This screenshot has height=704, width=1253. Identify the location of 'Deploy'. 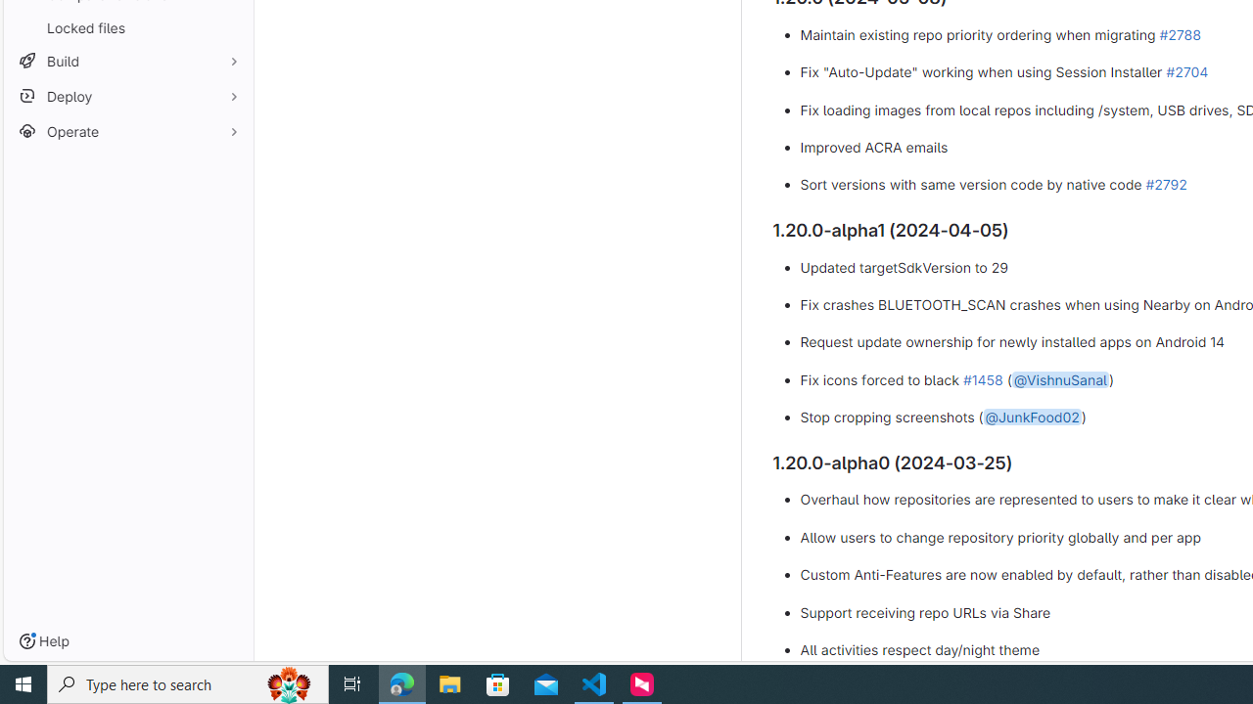
(127, 96).